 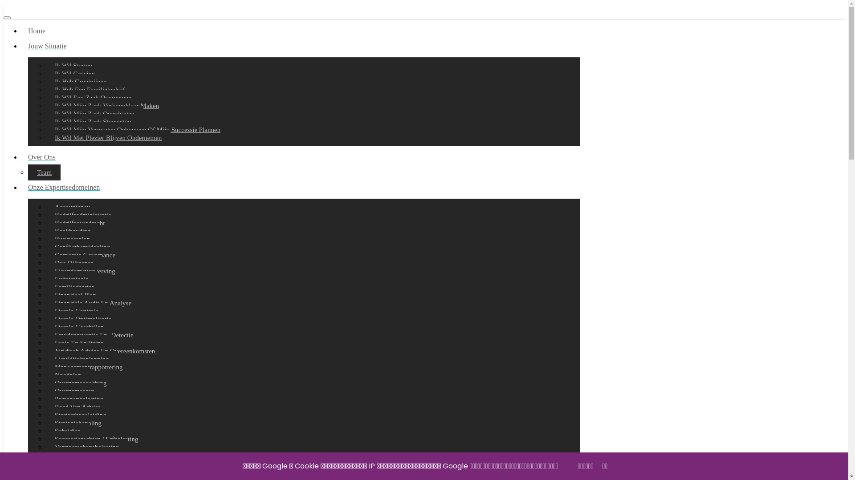 I want to click on 'Ik Wil Mijn Zaak Verkoopklaar Maken', so click(x=107, y=105).